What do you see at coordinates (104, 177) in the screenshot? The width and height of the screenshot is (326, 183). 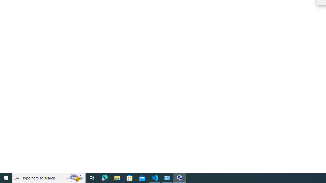 I see `'Microsoft Edge'` at bounding box center [104, 177].